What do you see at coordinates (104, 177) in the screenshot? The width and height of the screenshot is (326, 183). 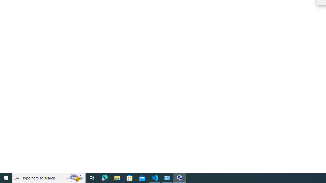 I see `'Microsoft Edge'` at bounding box center [104, 177].